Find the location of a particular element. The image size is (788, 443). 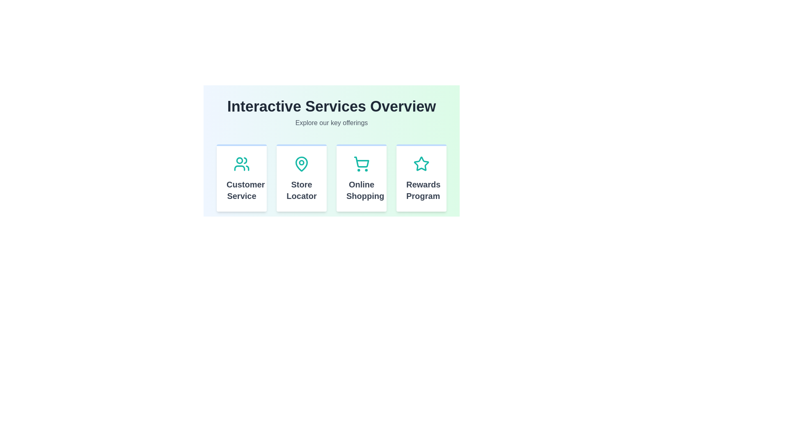

the teal blue outlined pin icon representing a location marker, which is the second icon in the 'Store Locator' card is located at coordinates (301, 164).